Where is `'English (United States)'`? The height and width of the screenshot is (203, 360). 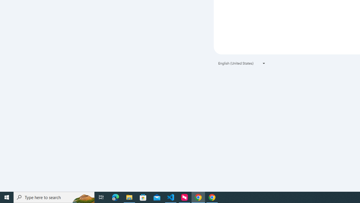 'English (United States)' is located at coordinates (242, 63).